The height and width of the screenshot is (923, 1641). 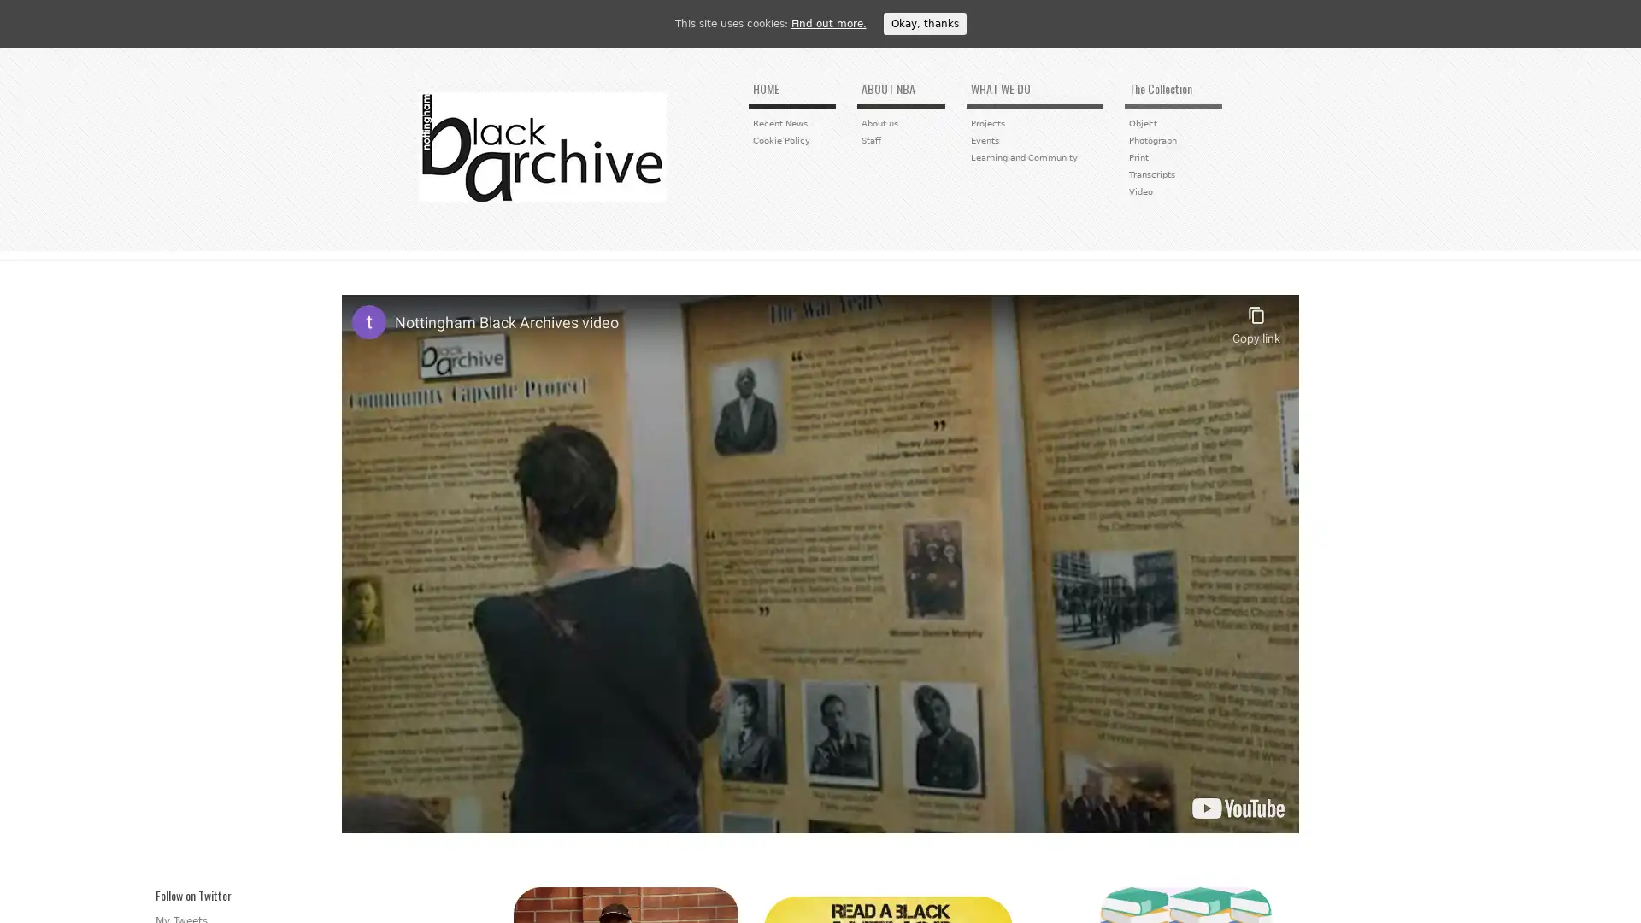 I want to click on Okay, thanks, so click(x=923, y=23).